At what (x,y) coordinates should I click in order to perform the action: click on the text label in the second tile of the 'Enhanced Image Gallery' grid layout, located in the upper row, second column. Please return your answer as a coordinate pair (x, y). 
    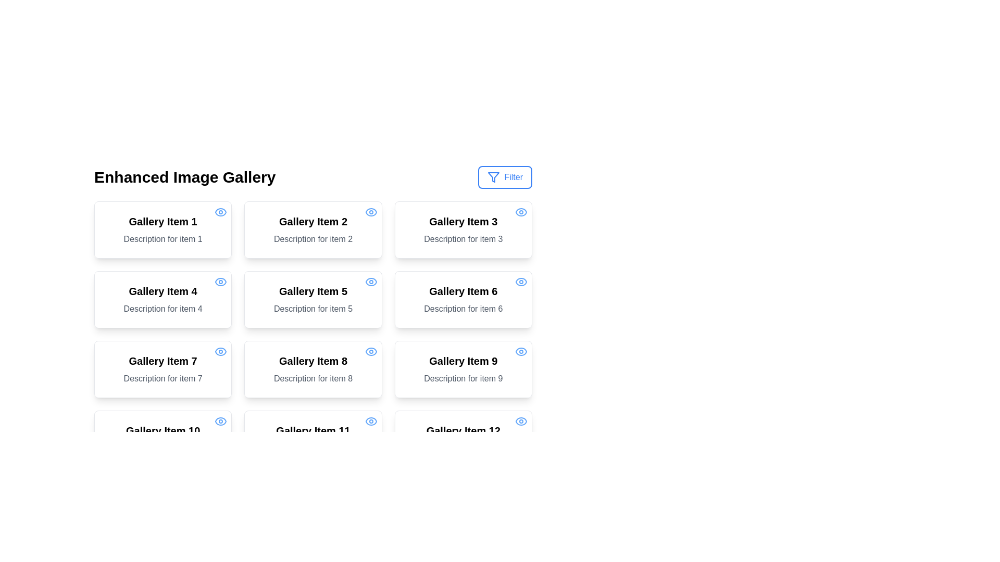
    Looking at the image, I should click on (312, 221).